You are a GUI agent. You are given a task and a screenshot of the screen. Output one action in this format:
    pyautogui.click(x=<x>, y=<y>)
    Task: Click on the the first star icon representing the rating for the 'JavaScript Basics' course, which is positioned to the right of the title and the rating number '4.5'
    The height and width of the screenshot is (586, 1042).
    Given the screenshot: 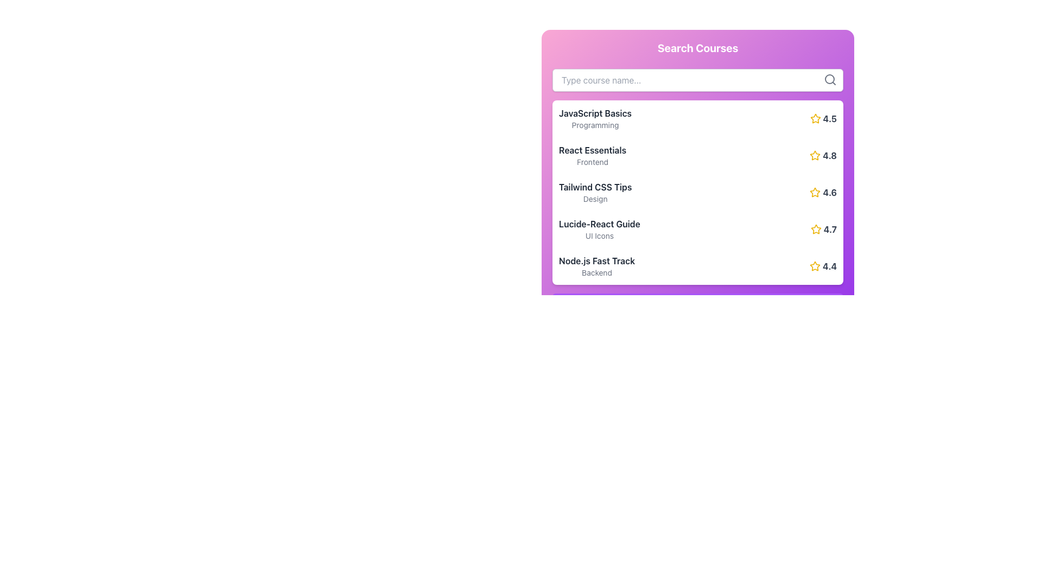 What is the action you would take?
    pyautogui.click(x=815, y=118)
    